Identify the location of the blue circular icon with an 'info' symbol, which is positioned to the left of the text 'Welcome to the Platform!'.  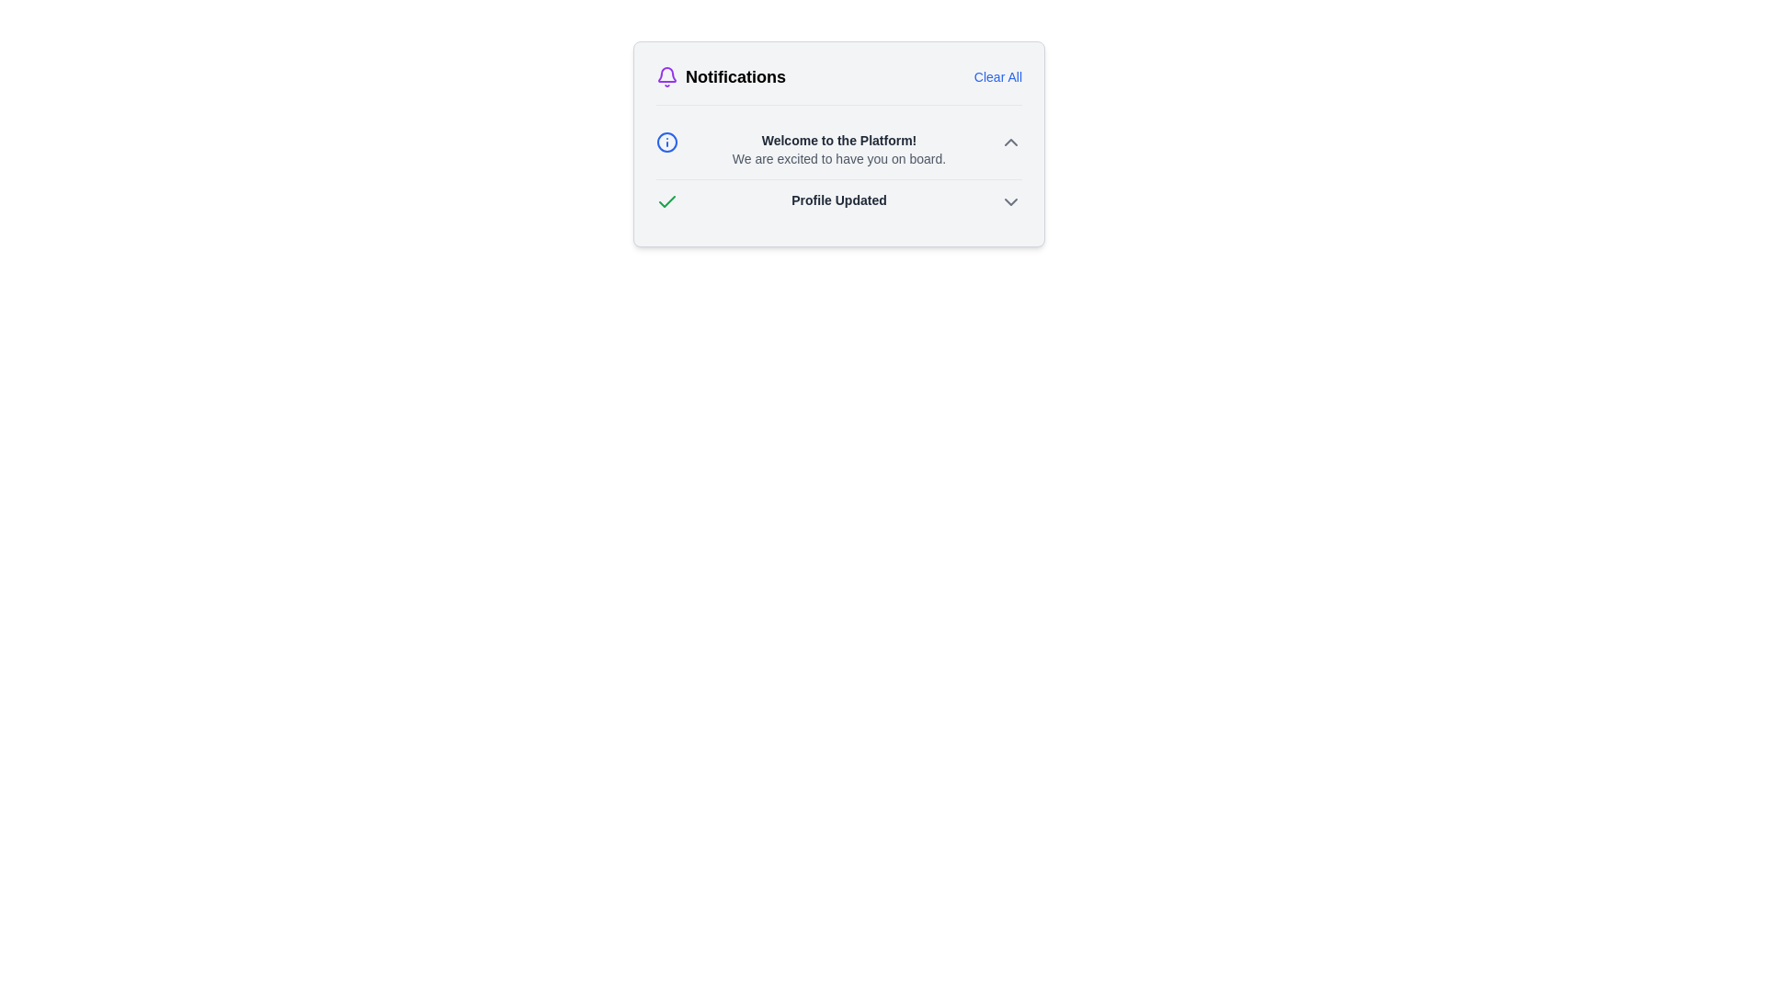
(666, 141).